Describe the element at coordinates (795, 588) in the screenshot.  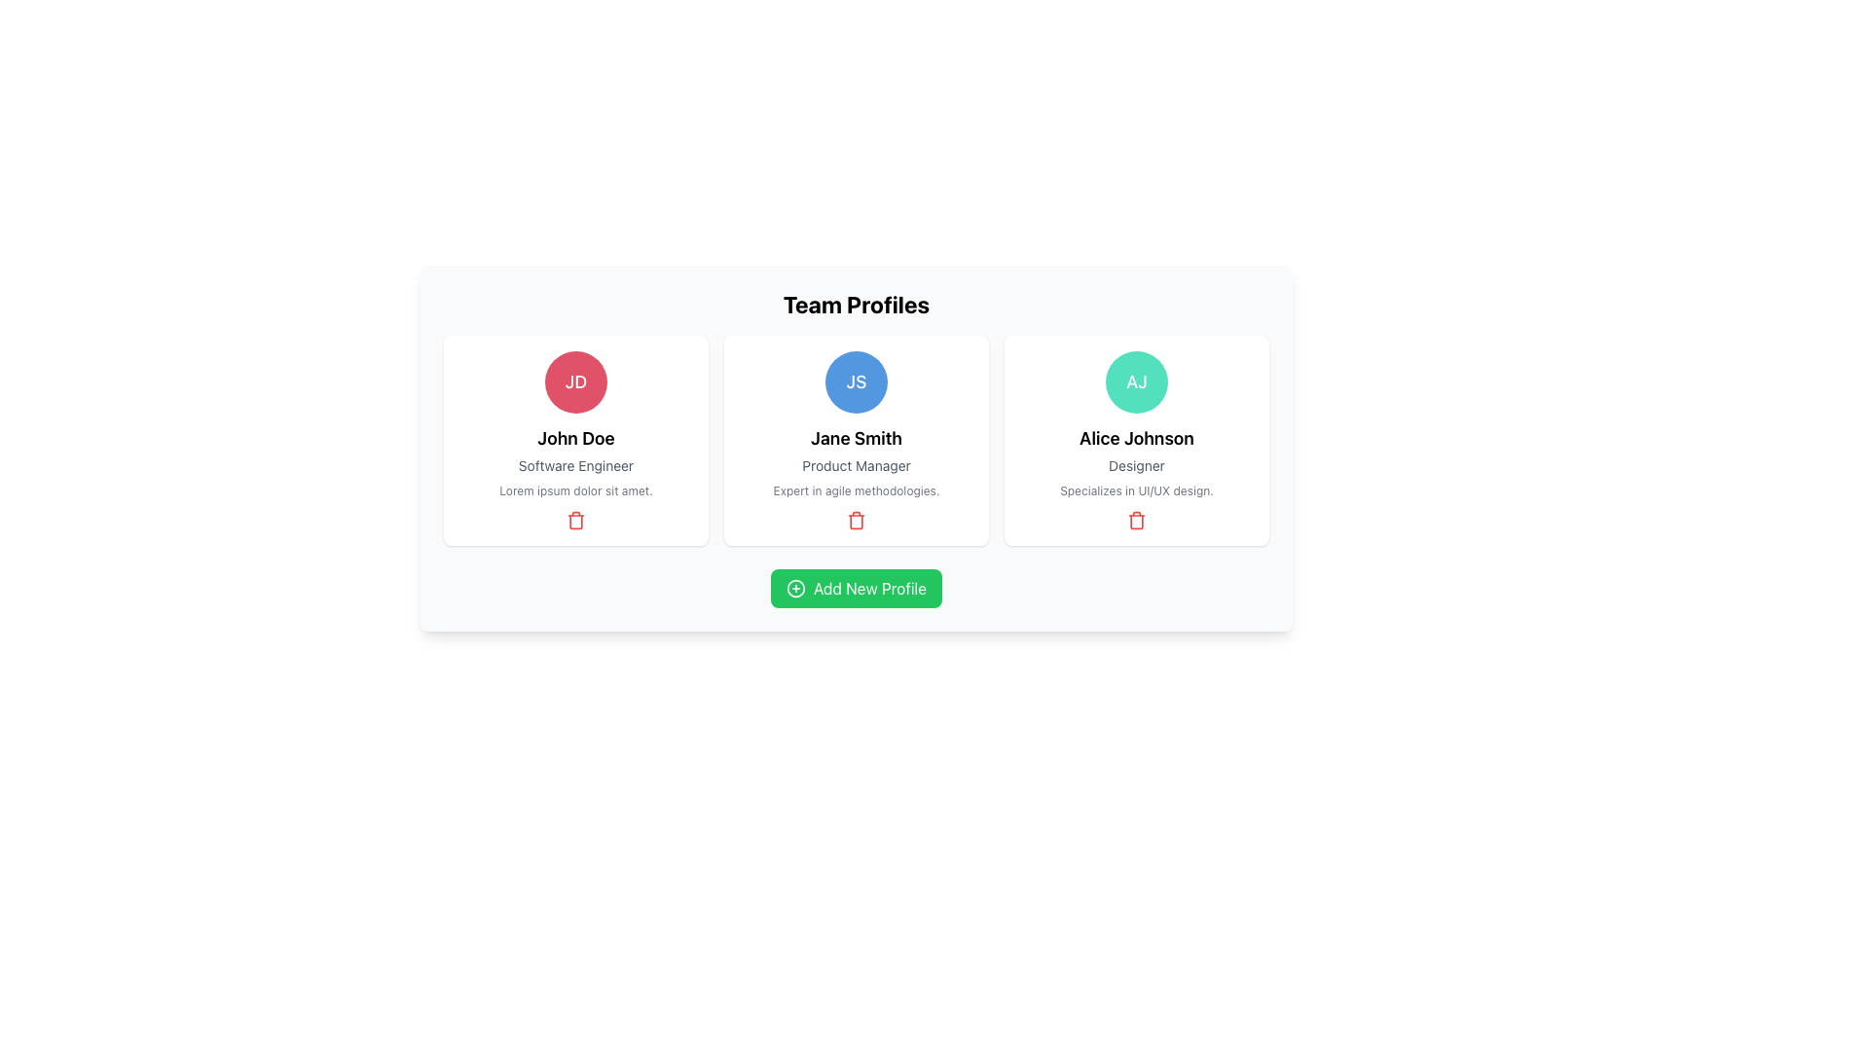
I see `the SVG Circle element that represents the action of adding a new profile, located at the center of the button labeled 'Add New Profile'` at that location.